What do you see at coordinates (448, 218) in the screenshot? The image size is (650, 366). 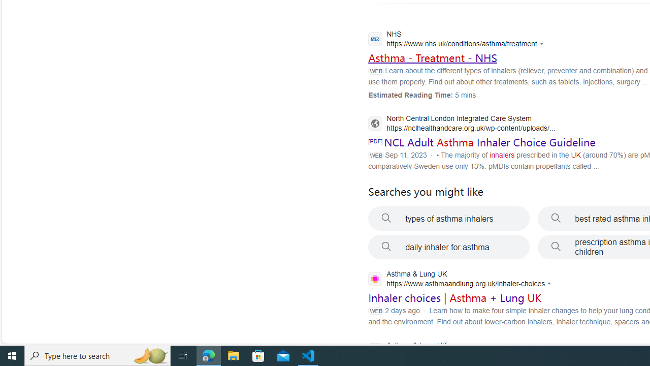 I see `'types of asthma inhalers'` at bounding box center [448, 218].